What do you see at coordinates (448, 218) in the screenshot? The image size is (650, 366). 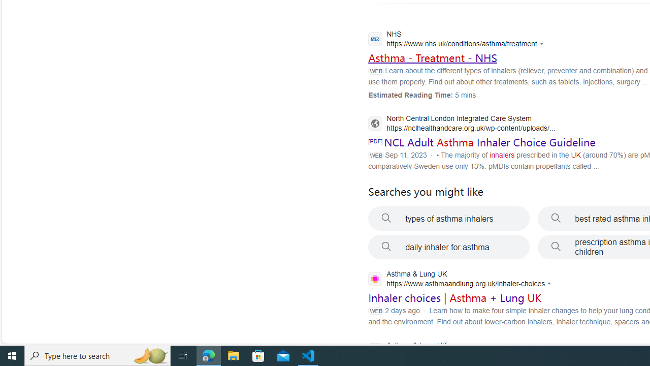 I see `'types of asthma inhalers'` at bounding box center [448, 218].